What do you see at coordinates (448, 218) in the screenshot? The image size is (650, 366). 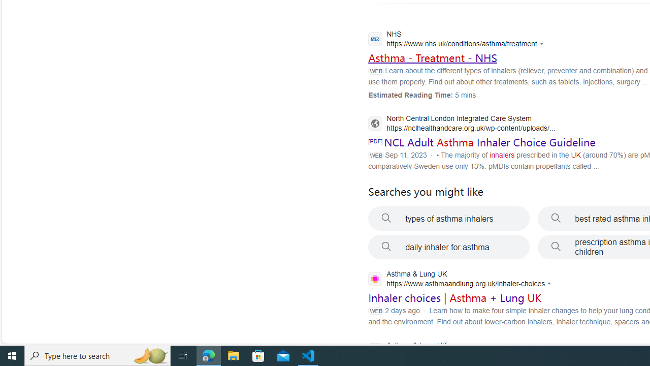 I see `'types of asthma inhalers'` at bounding box center [448, 218].